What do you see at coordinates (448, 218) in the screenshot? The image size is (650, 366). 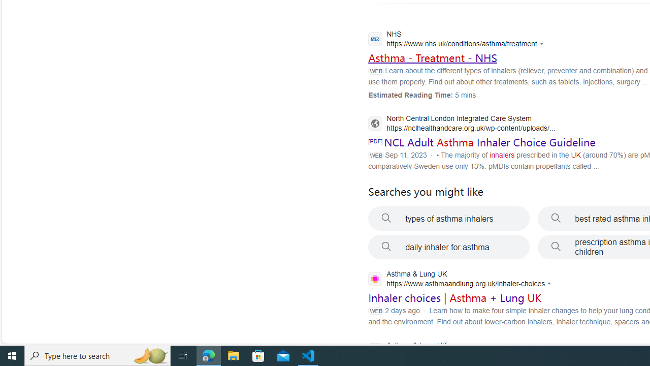 I see `'types of asthma inhalers'` at bounding box center [448, 218].